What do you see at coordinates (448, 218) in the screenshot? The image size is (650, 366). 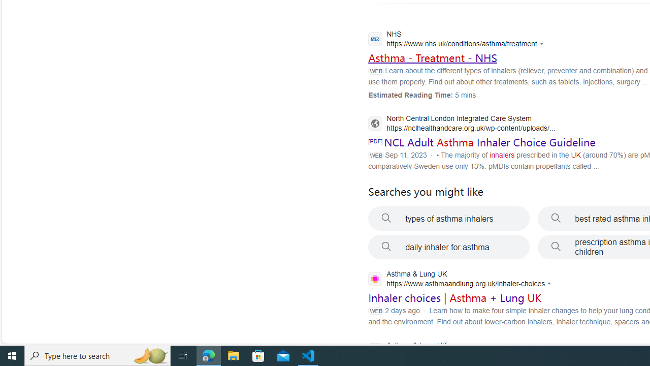 I see `'types of asthma inhalers'` at bounding box center [448, 218].